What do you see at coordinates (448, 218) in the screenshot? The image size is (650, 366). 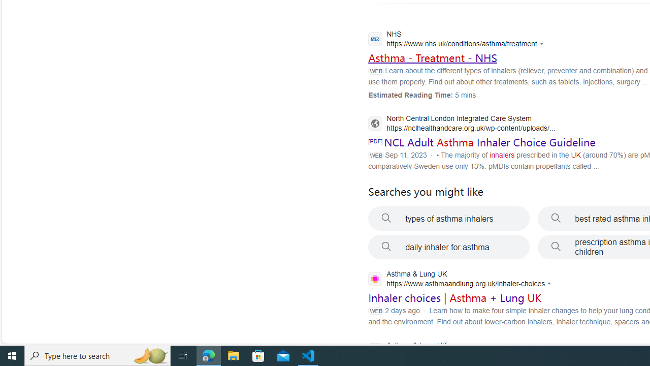 I see `'types of asthma inhalers'` at bounding box center [448, 218].